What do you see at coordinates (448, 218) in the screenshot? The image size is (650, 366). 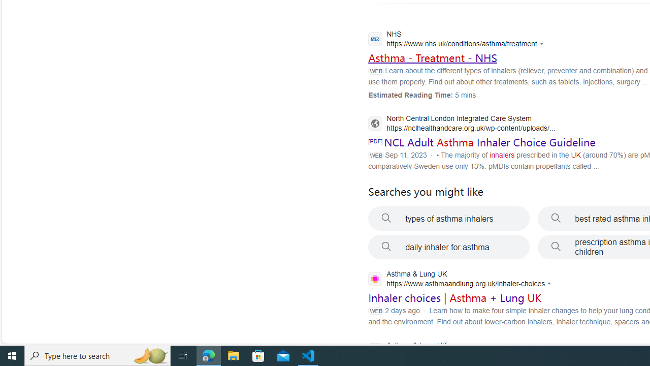 I see `'types of asthma inhalers'` at bounding box center [448, 218].